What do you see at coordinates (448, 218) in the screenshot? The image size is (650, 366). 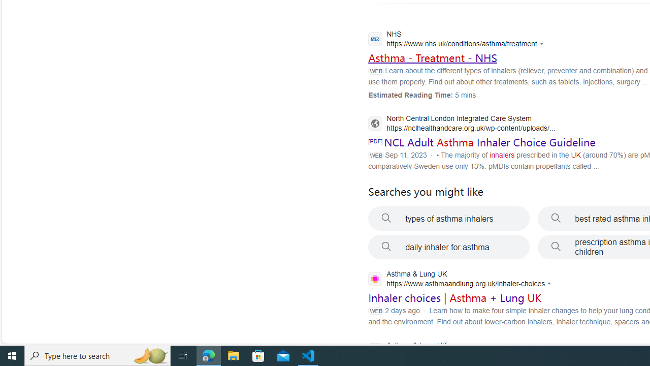 I see `'types of asthma inhalers'` at bounding box center [448, 218].